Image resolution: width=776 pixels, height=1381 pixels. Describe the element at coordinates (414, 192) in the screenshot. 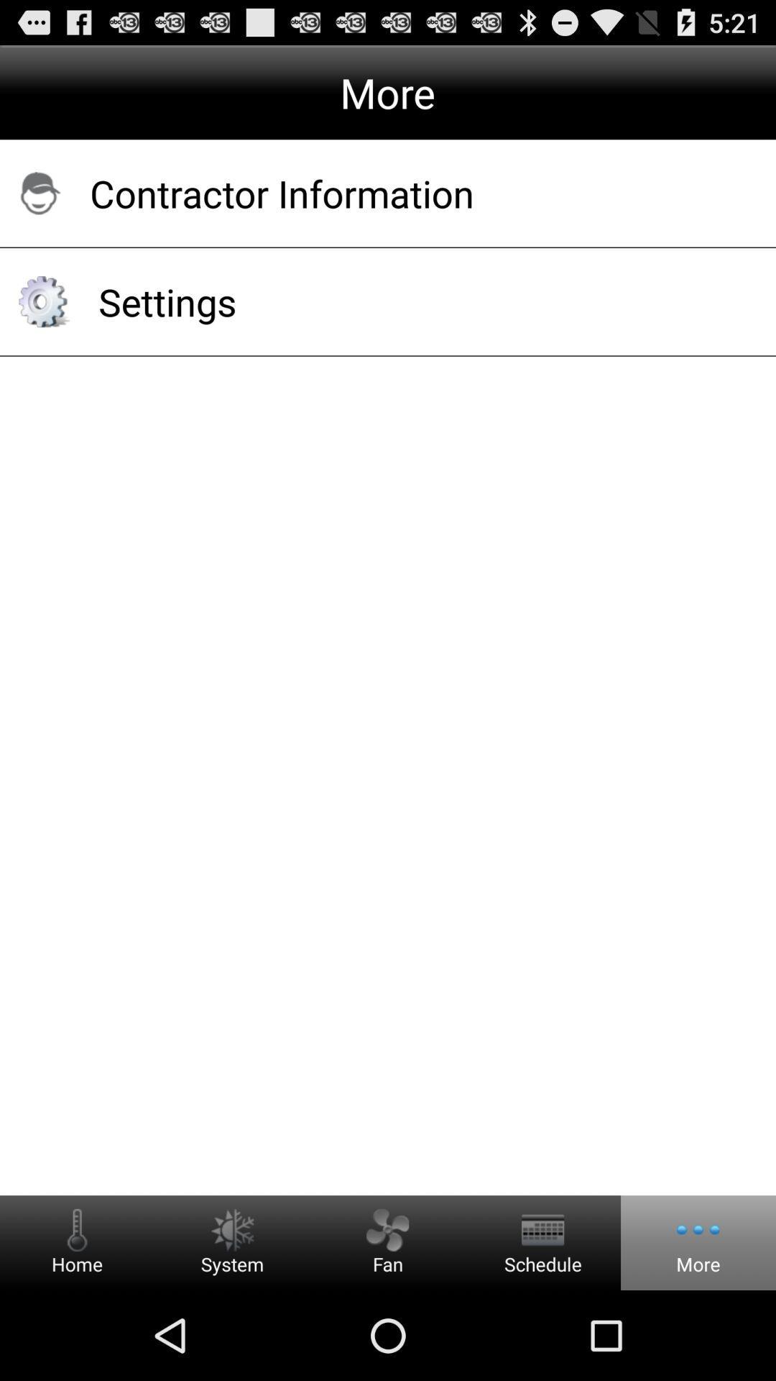

I see `contractor information app` at that location.